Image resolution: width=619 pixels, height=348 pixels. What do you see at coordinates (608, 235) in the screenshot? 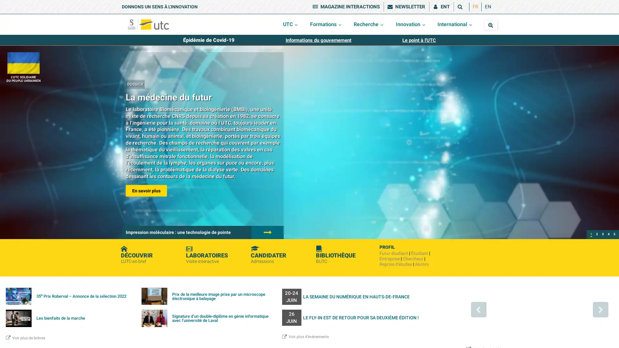
I see `Une IA sure et robuste` at bounding box center [608, 235].